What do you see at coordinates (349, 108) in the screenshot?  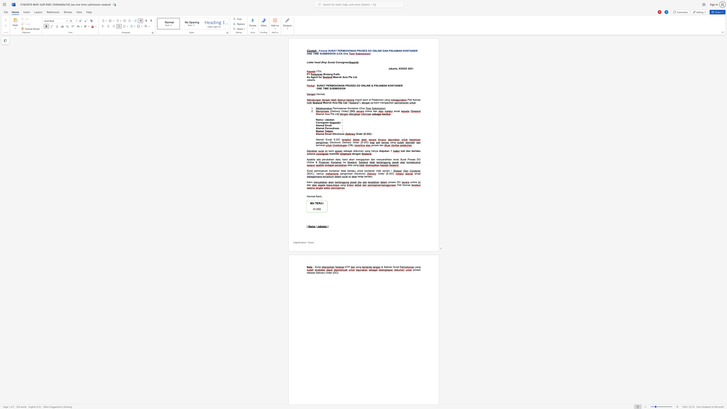 I see `the space between the continuous character "K" and "o" in the text` at bounding box center [349, 108].